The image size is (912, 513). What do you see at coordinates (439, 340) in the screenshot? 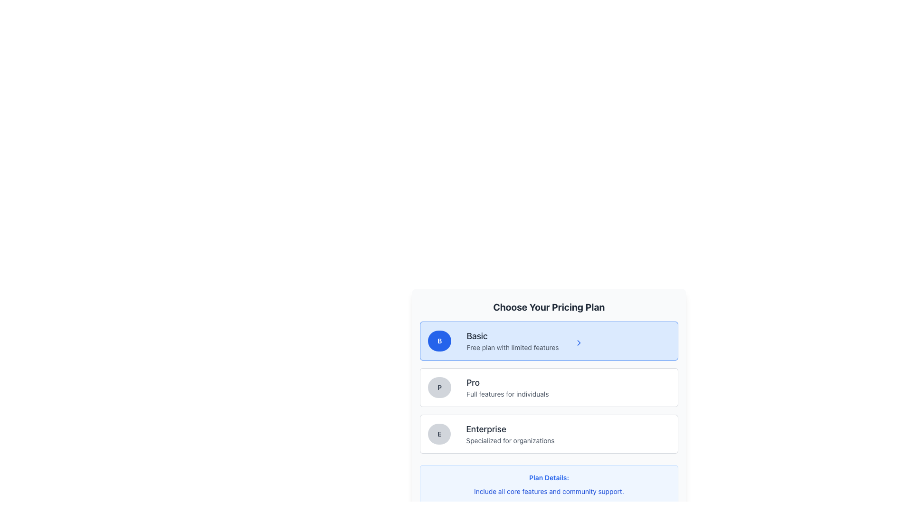
I see `the decorative Symbol/Badge representing the 'Basic' plan located at the top-left corner of the 'Basic' pricing plan option` at bounding box center [439, 340].